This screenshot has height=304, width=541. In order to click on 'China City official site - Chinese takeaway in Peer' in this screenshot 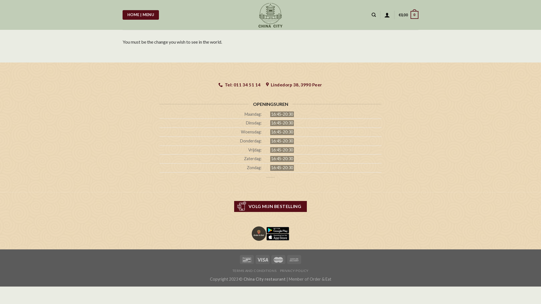, I will do `click(248, 15)`.